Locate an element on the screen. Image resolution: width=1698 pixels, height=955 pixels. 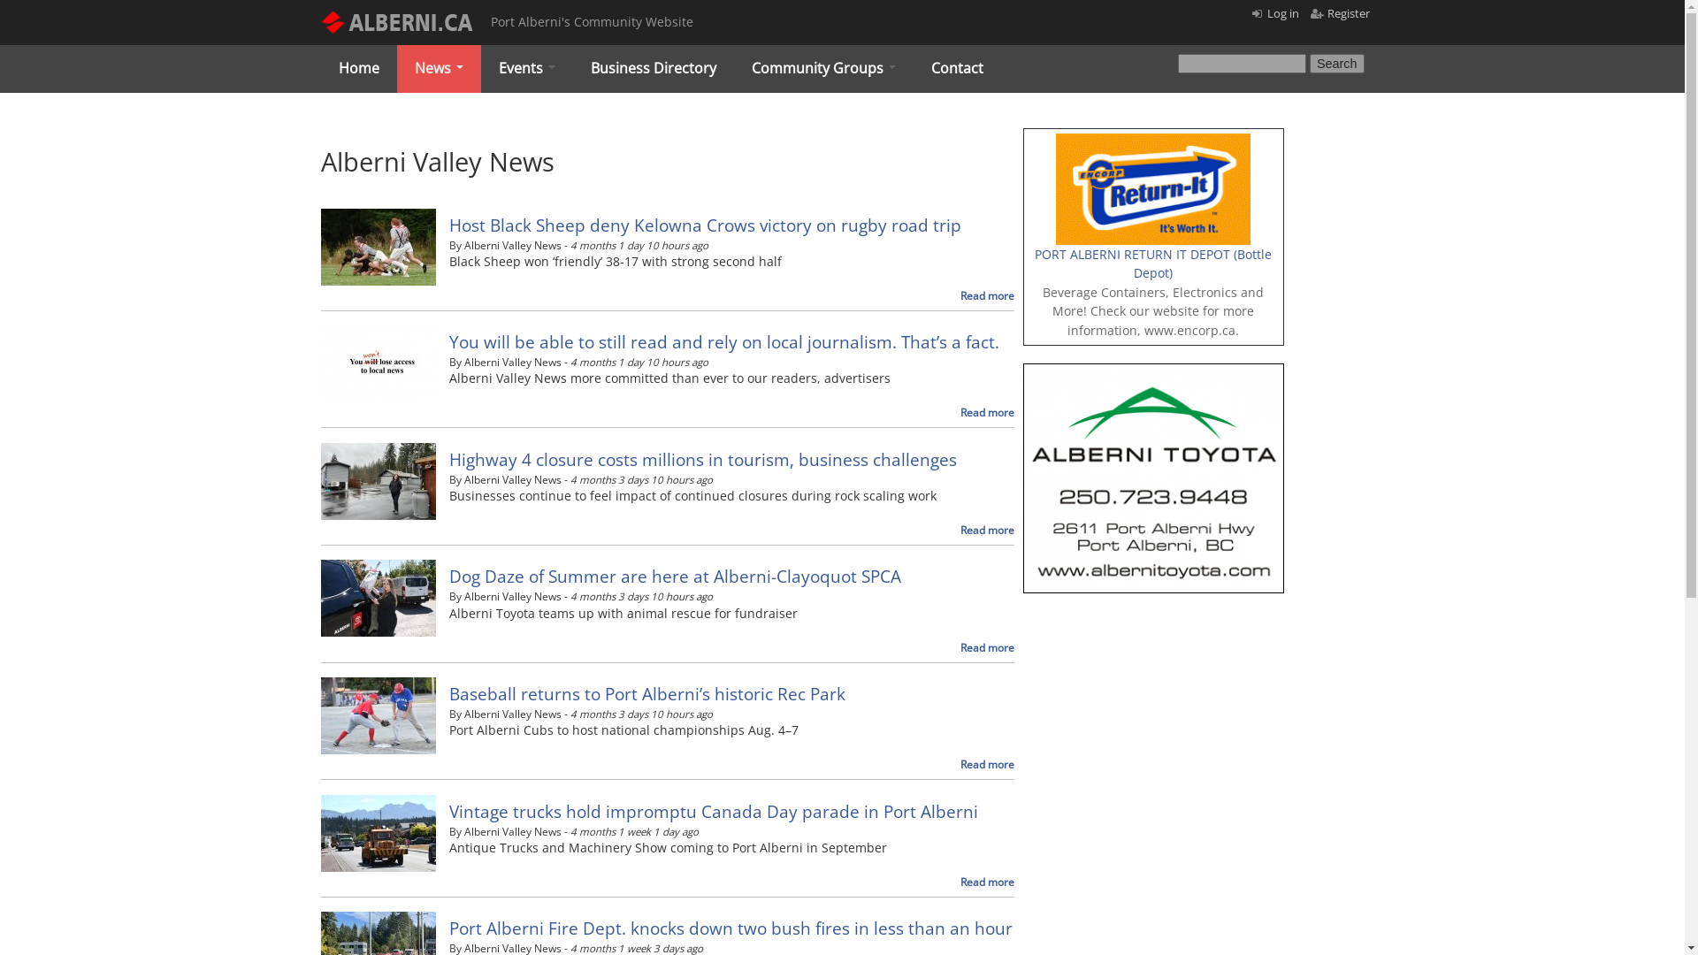
'Read more' is located at coordinates (986, 882).